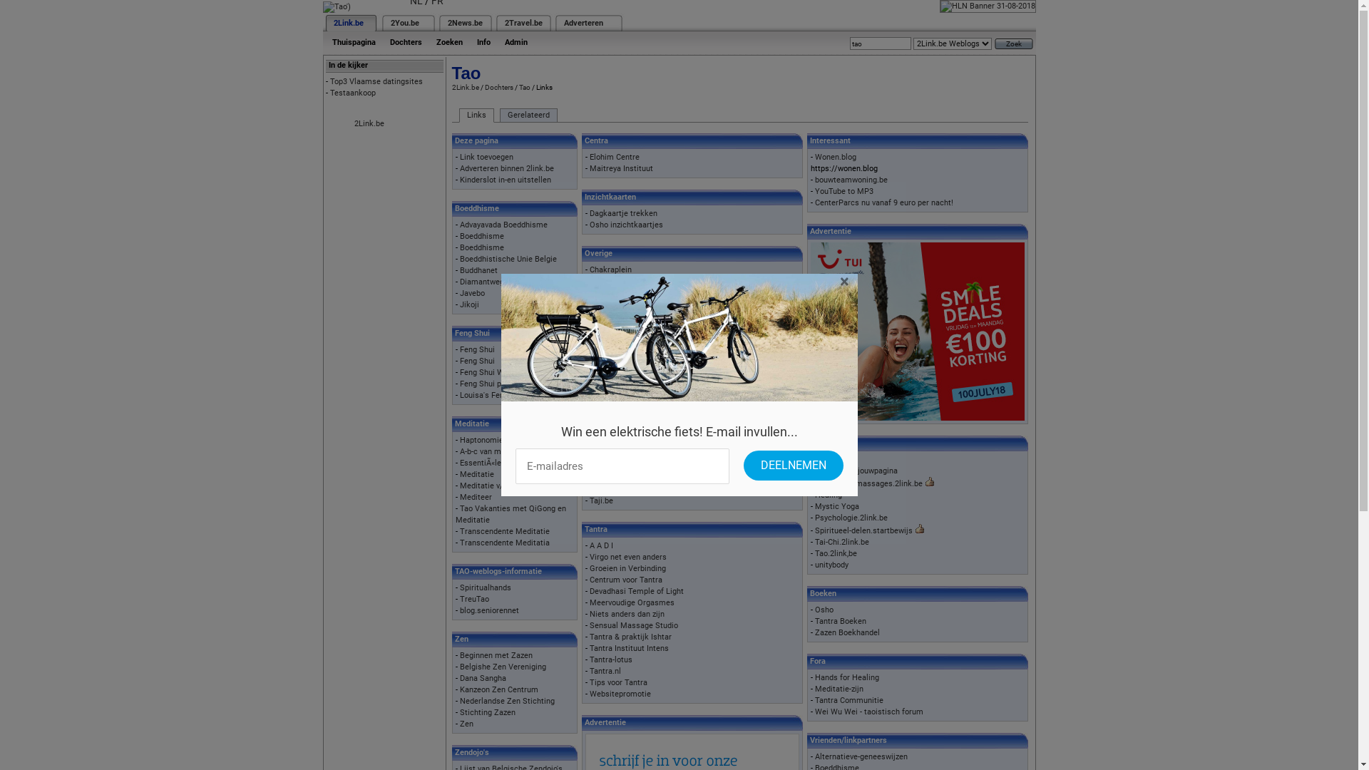  Describe the element at coordinates (588, 613) in the screenshot. I see `'Niets anders dan zijn'` at that location.